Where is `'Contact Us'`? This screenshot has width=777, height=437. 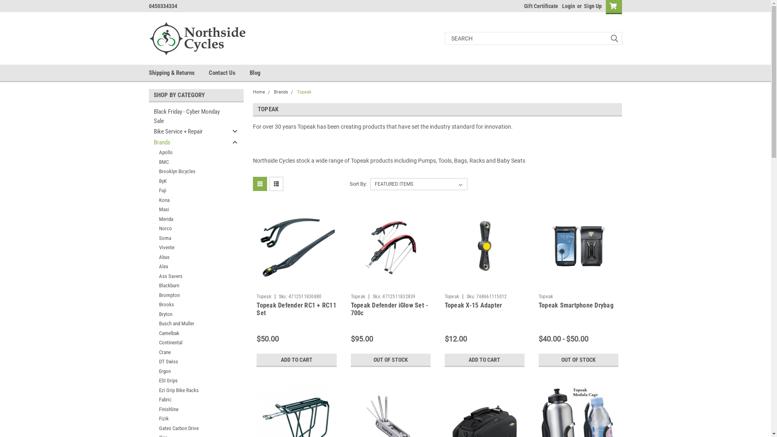
'Contact Us' is located at coordinates (229, 73).